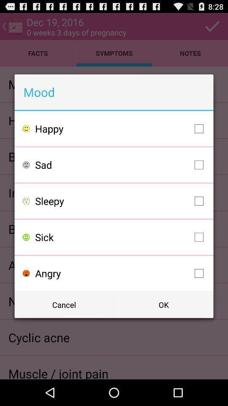 This screenshot has height=406, width=228. Describe the element at coordinates (121, 237) in the screenshot. I see `icon below sleepy` at that location.